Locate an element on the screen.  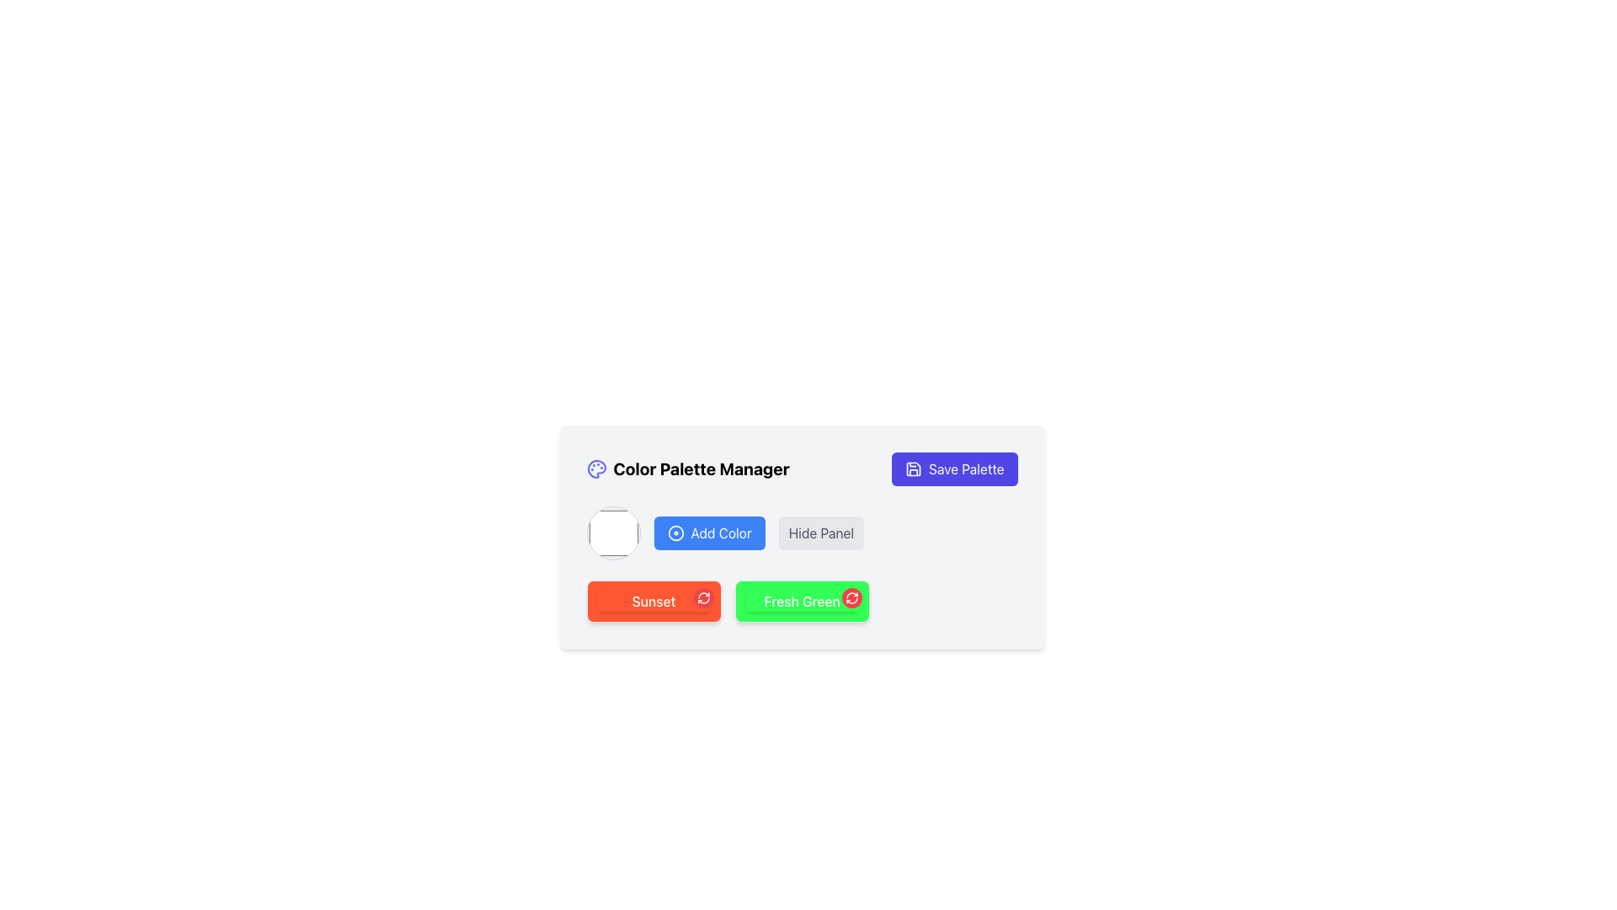
the text label reading 'Sunset', which is centered within an orange button in the lower left quadrant of the application is located at coordinates (653, 600).